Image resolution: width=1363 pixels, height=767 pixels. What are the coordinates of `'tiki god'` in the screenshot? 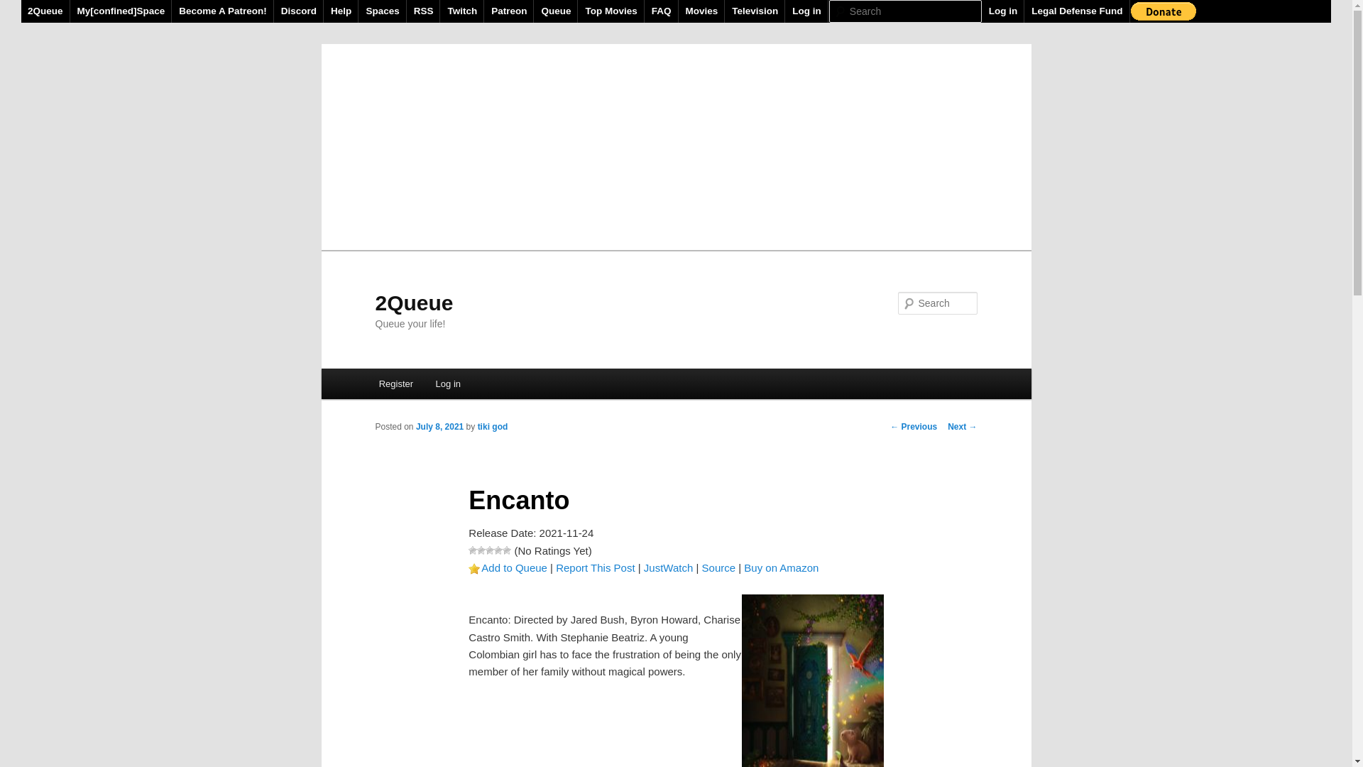 It's located at (493, 426).